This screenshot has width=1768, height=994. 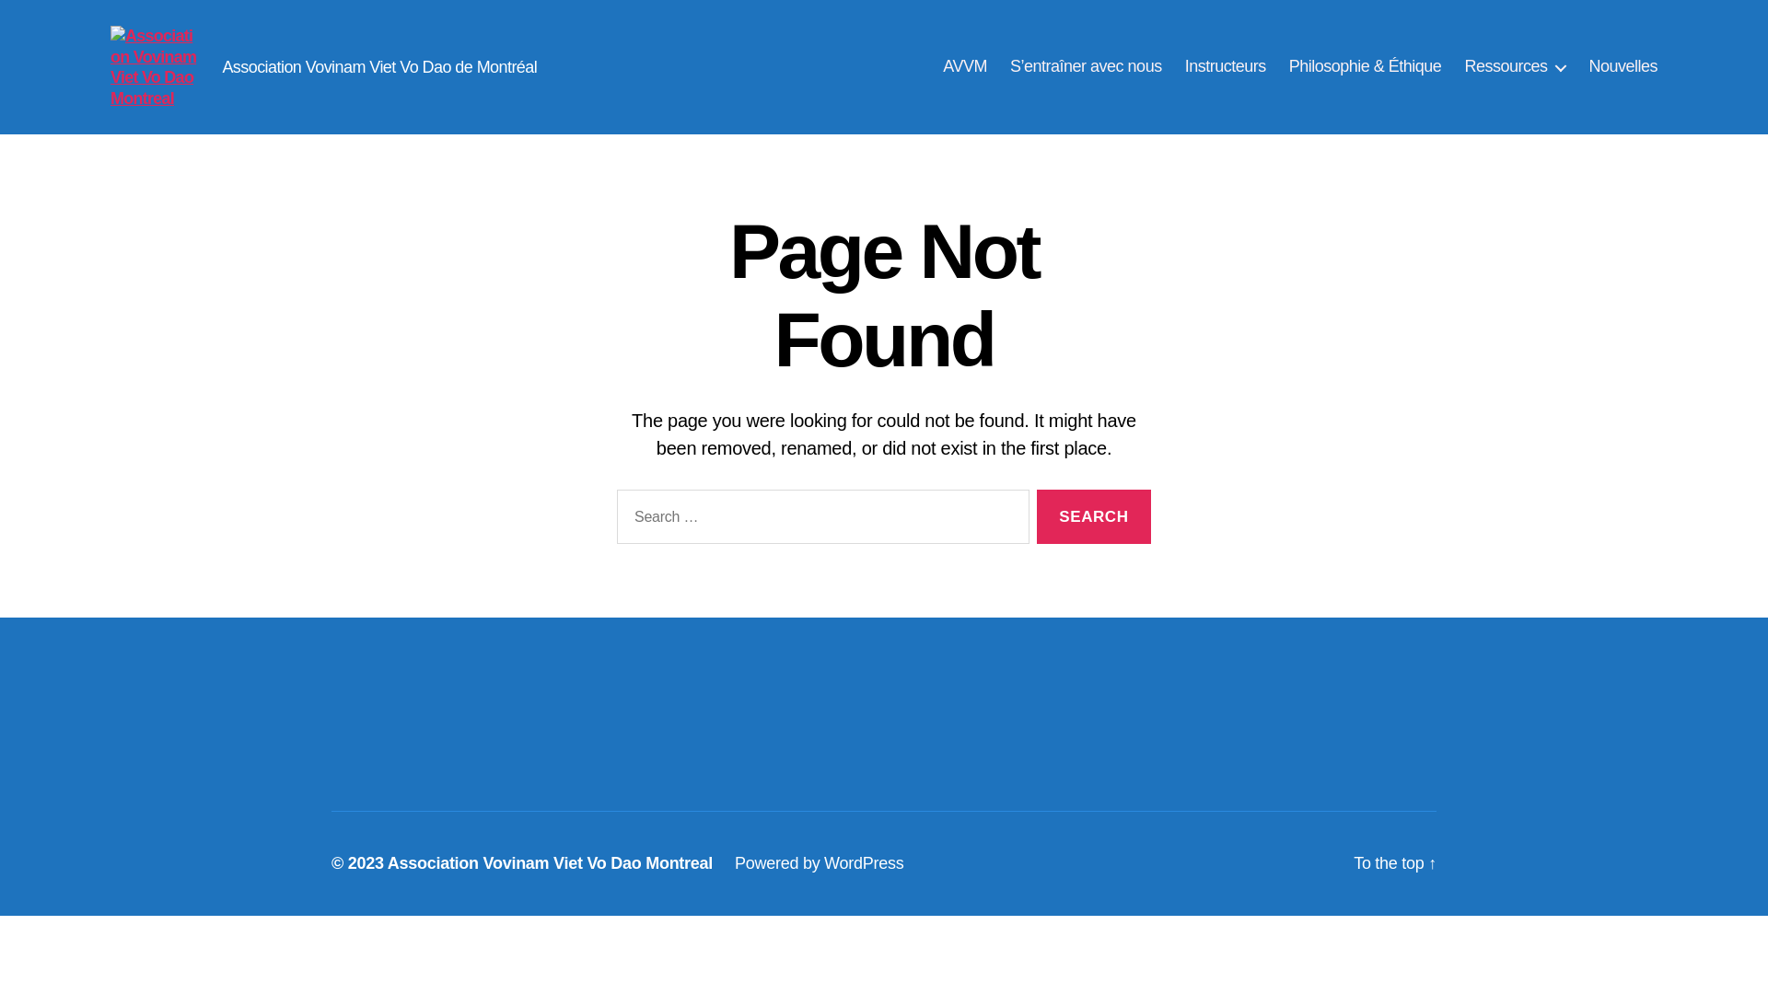 I want to click on 'Ressources', so click(x=1515, y=66).